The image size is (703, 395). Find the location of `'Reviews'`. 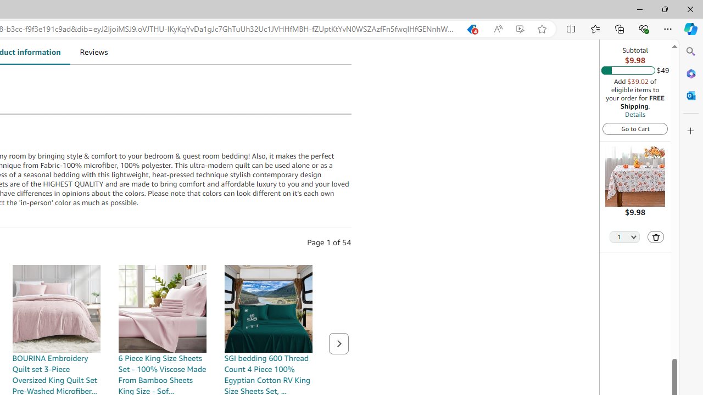

'Reviews' is located at coordinates (93, 52).